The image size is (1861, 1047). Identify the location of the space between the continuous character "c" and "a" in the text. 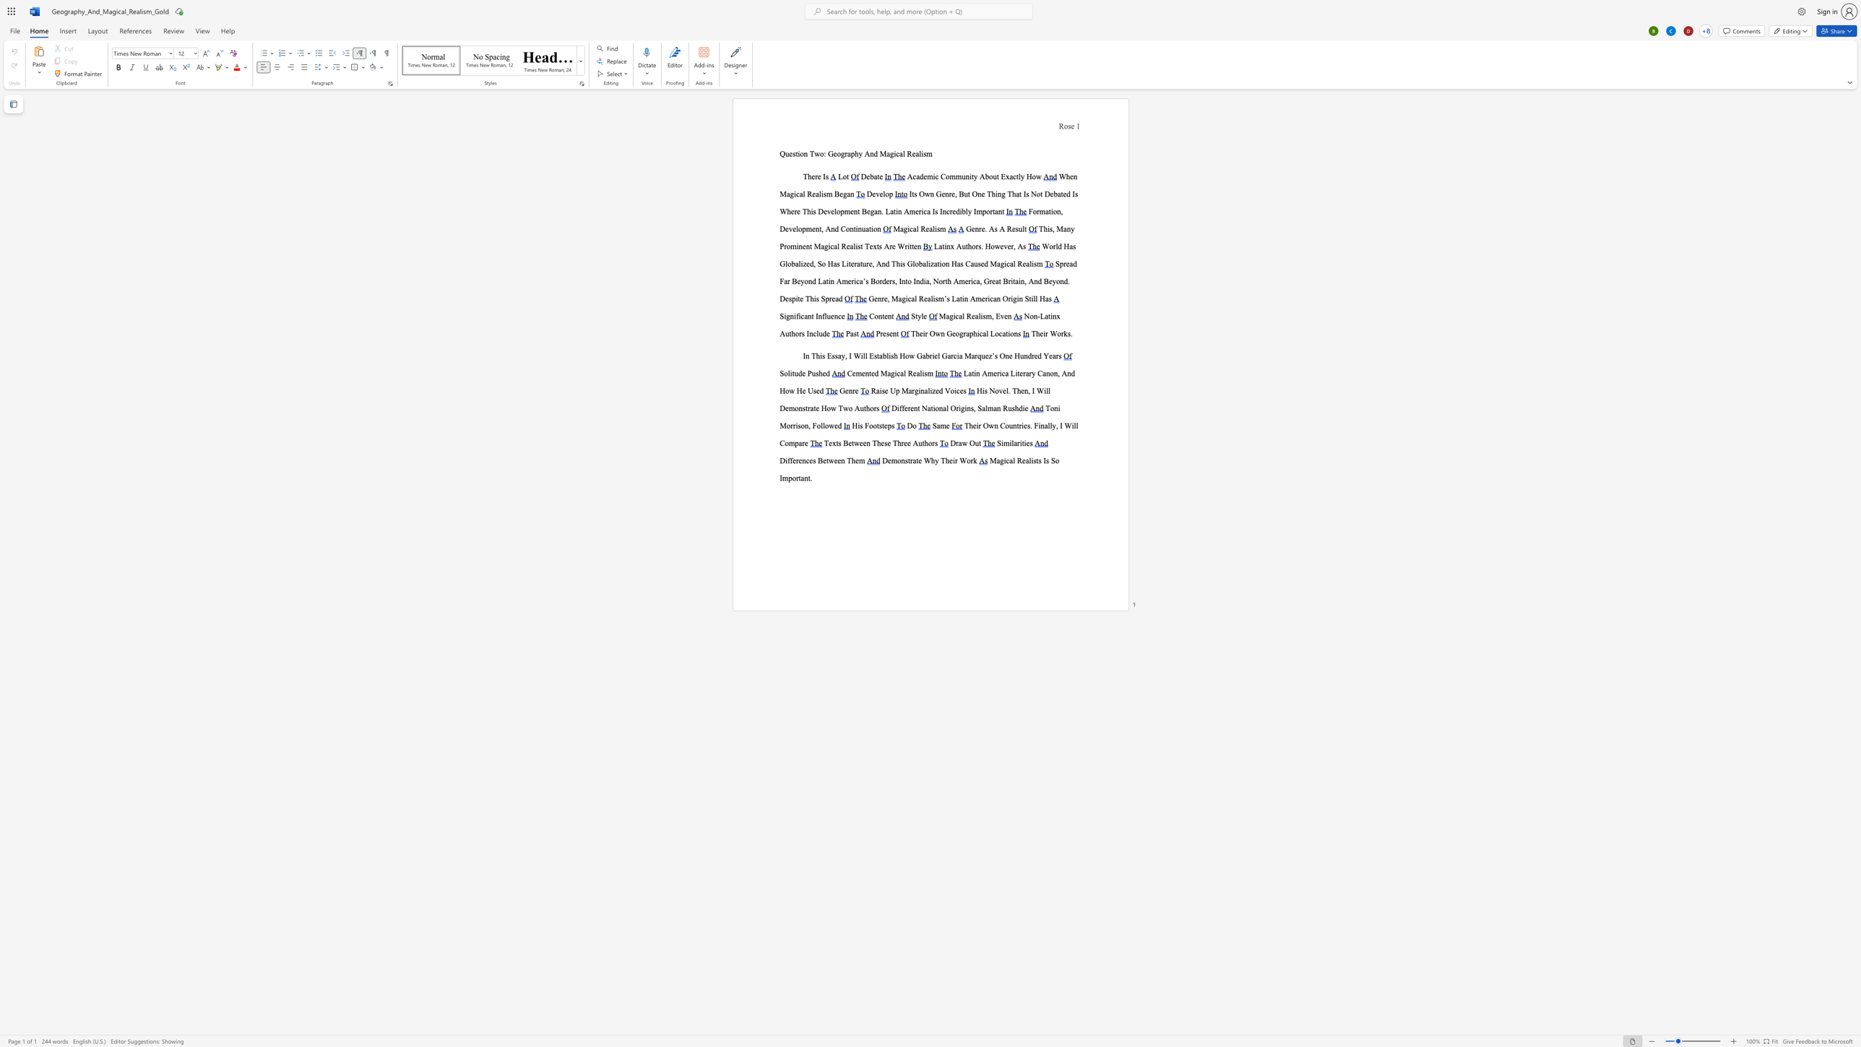
(1009, 263).